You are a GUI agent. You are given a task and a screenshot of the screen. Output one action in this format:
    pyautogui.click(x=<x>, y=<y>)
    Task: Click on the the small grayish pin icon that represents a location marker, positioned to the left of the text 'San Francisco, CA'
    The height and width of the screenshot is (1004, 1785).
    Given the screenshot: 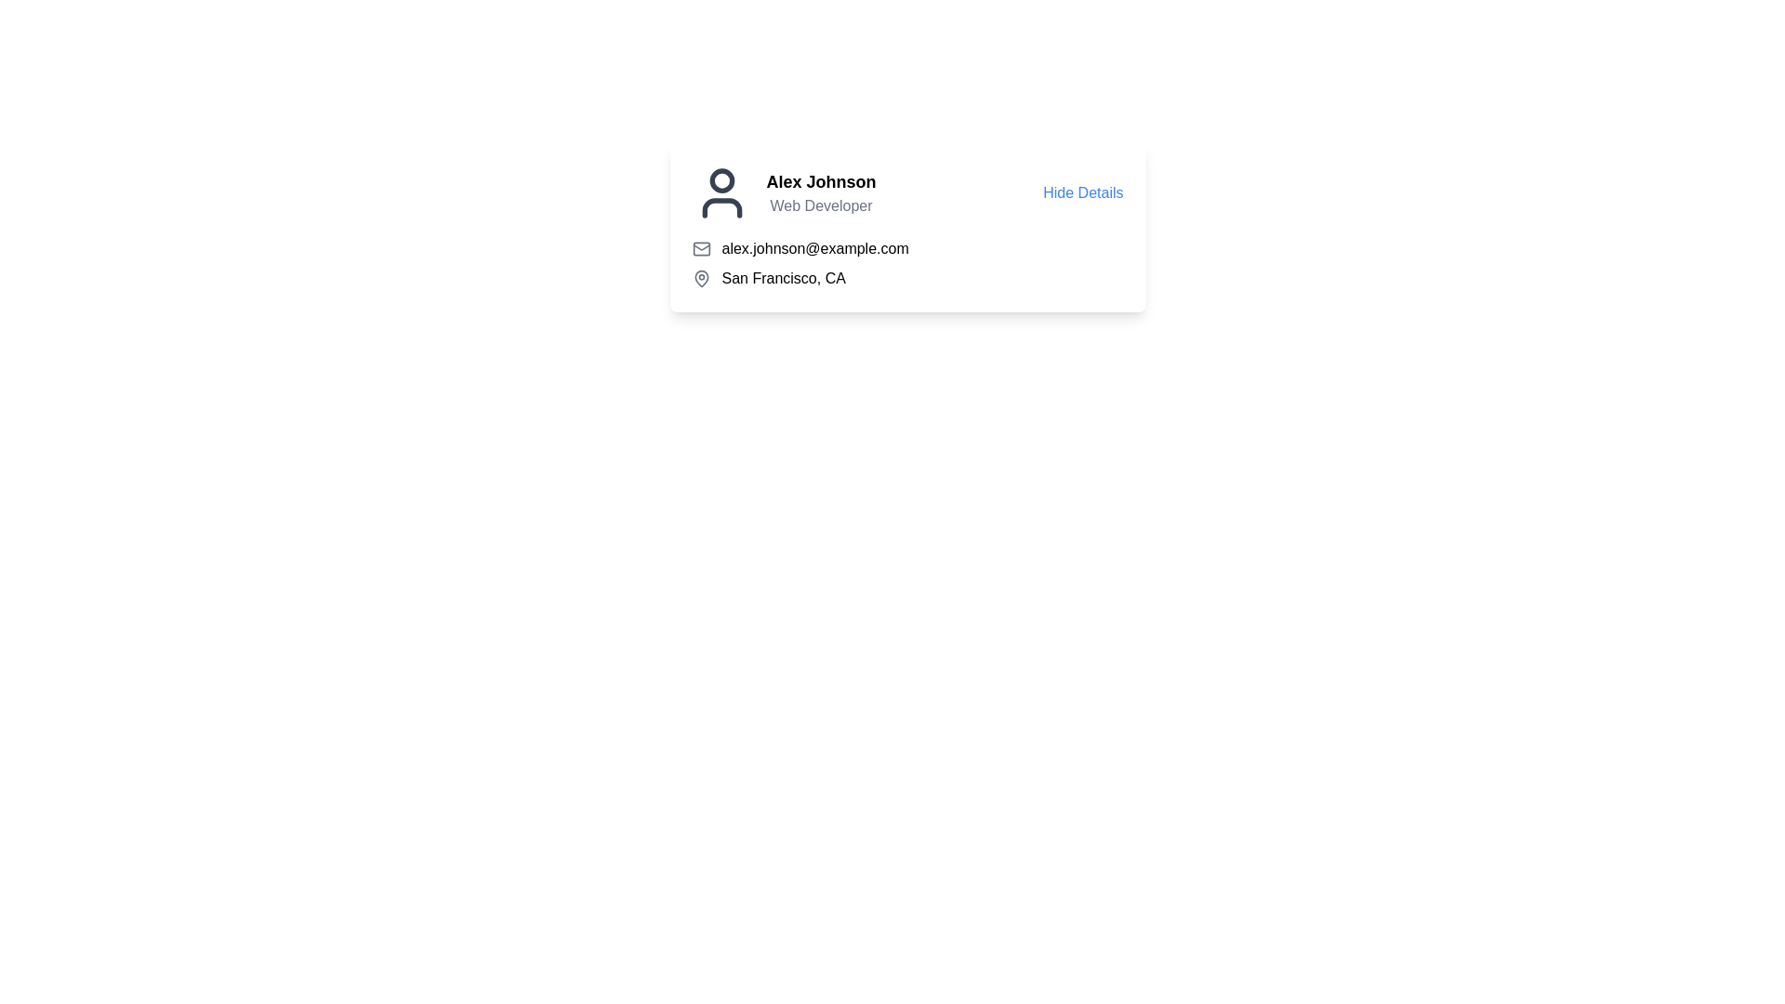 What is the action you would take?
    pyautogui.click(x=700, y=279)
    